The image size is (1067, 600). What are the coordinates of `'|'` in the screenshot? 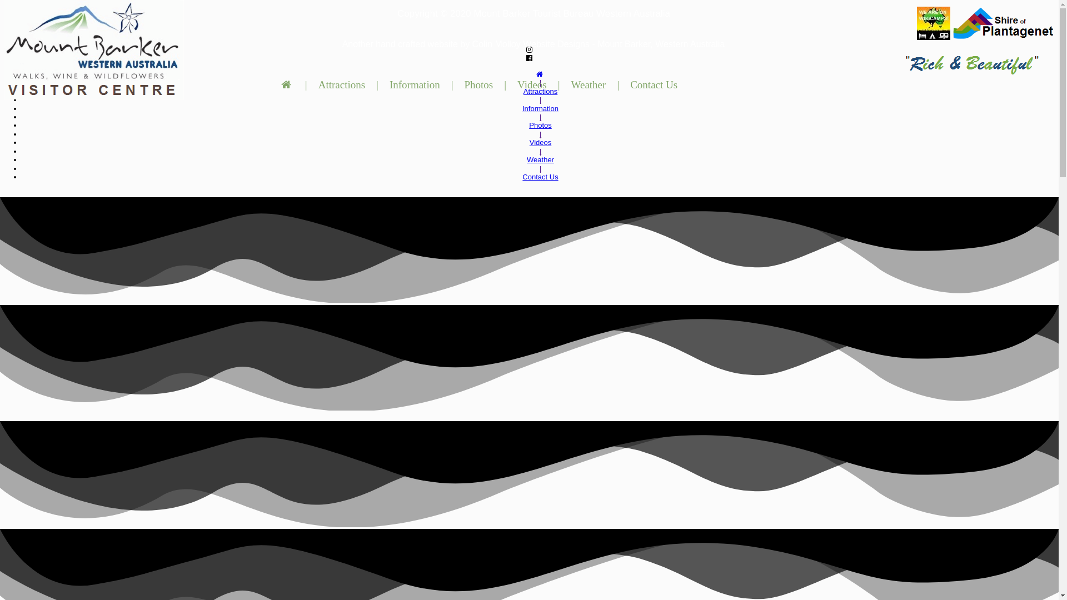 It's located at (540, 151).